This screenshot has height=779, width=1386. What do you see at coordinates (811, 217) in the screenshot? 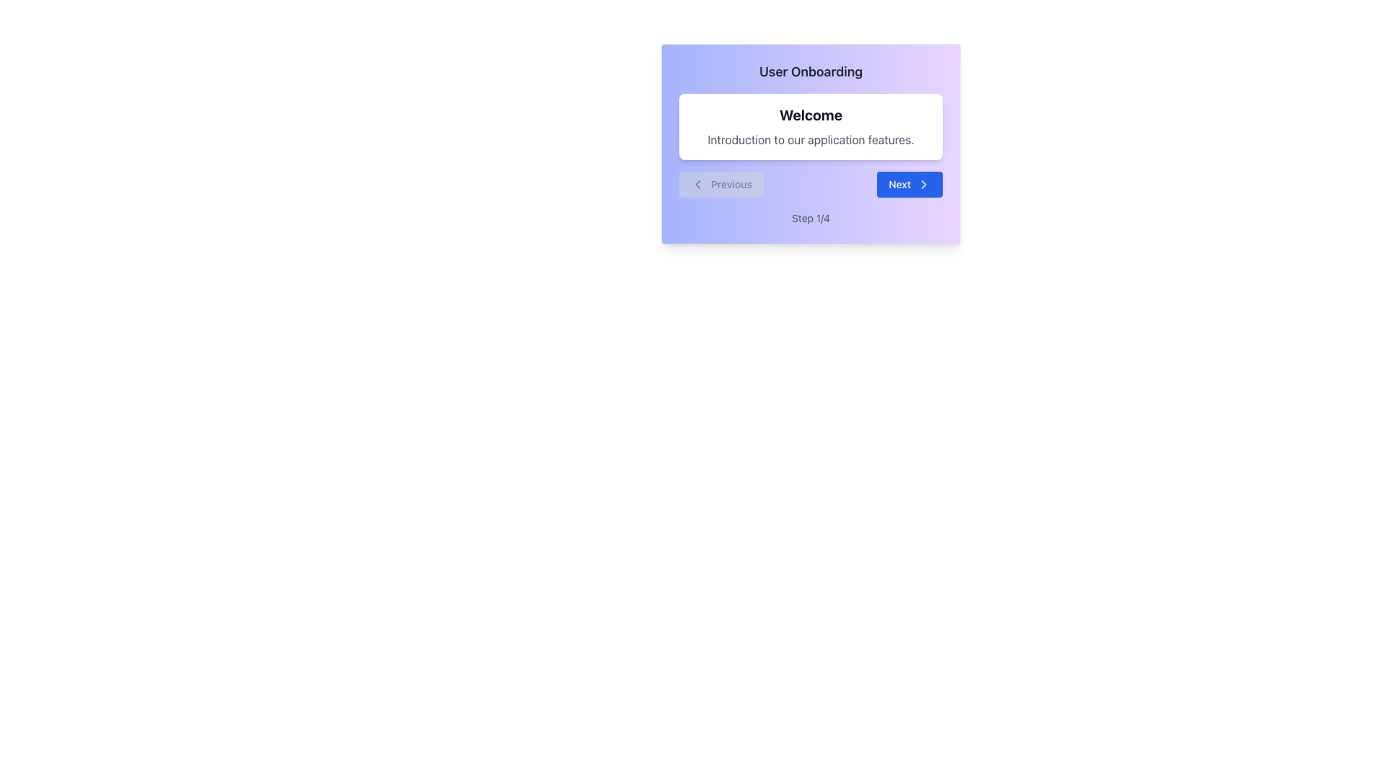
I see `text content of the Text Label displaying 'Step 1/4', which is located at the bottom of the 'User Onboarding' panel, below the 'Previous' and 'Next' navigation controls` at bounding box center [811, 217].